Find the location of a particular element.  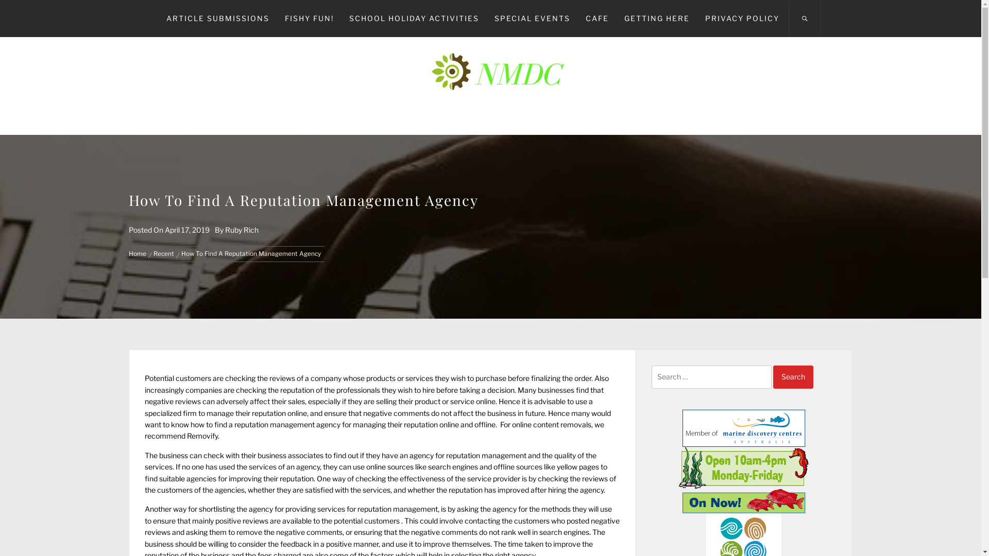

'Skip to content' is located at coordinates (0, 0).